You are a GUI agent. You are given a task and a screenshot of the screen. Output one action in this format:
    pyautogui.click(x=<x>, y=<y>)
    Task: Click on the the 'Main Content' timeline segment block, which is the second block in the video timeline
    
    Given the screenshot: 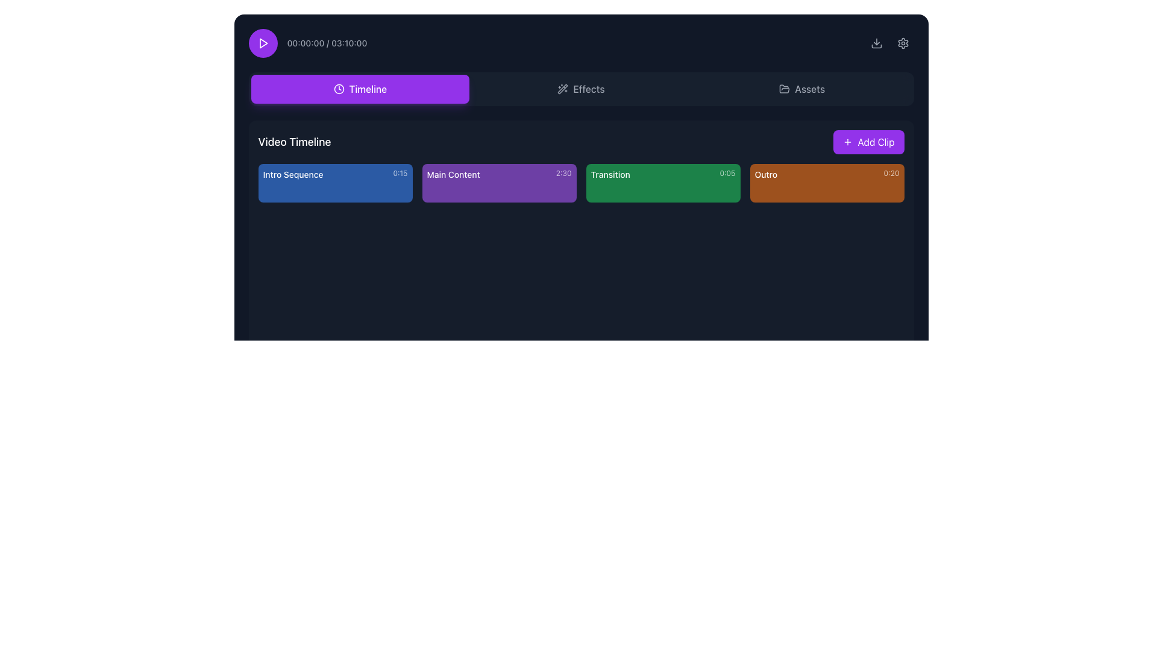 What is the action you would take?
    pyautogui.click(x=499, y=183)
    